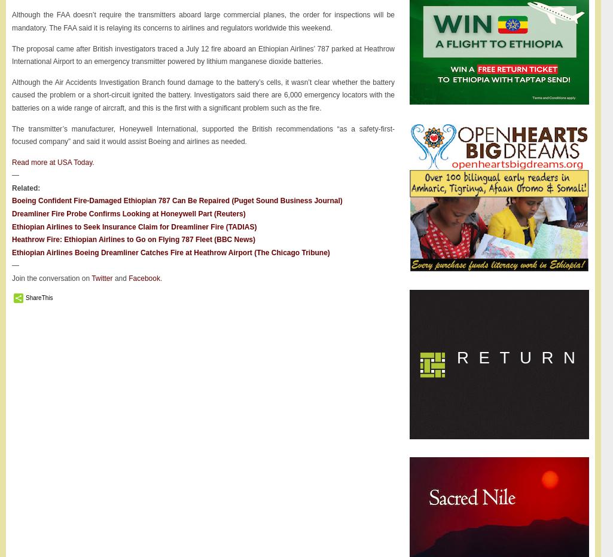 The width and height of the screenshot is (613, 557). What do you see at coordinates (143, 278) in the screenshot?
I see `'Facebook'` at bounding box center [143, 278].